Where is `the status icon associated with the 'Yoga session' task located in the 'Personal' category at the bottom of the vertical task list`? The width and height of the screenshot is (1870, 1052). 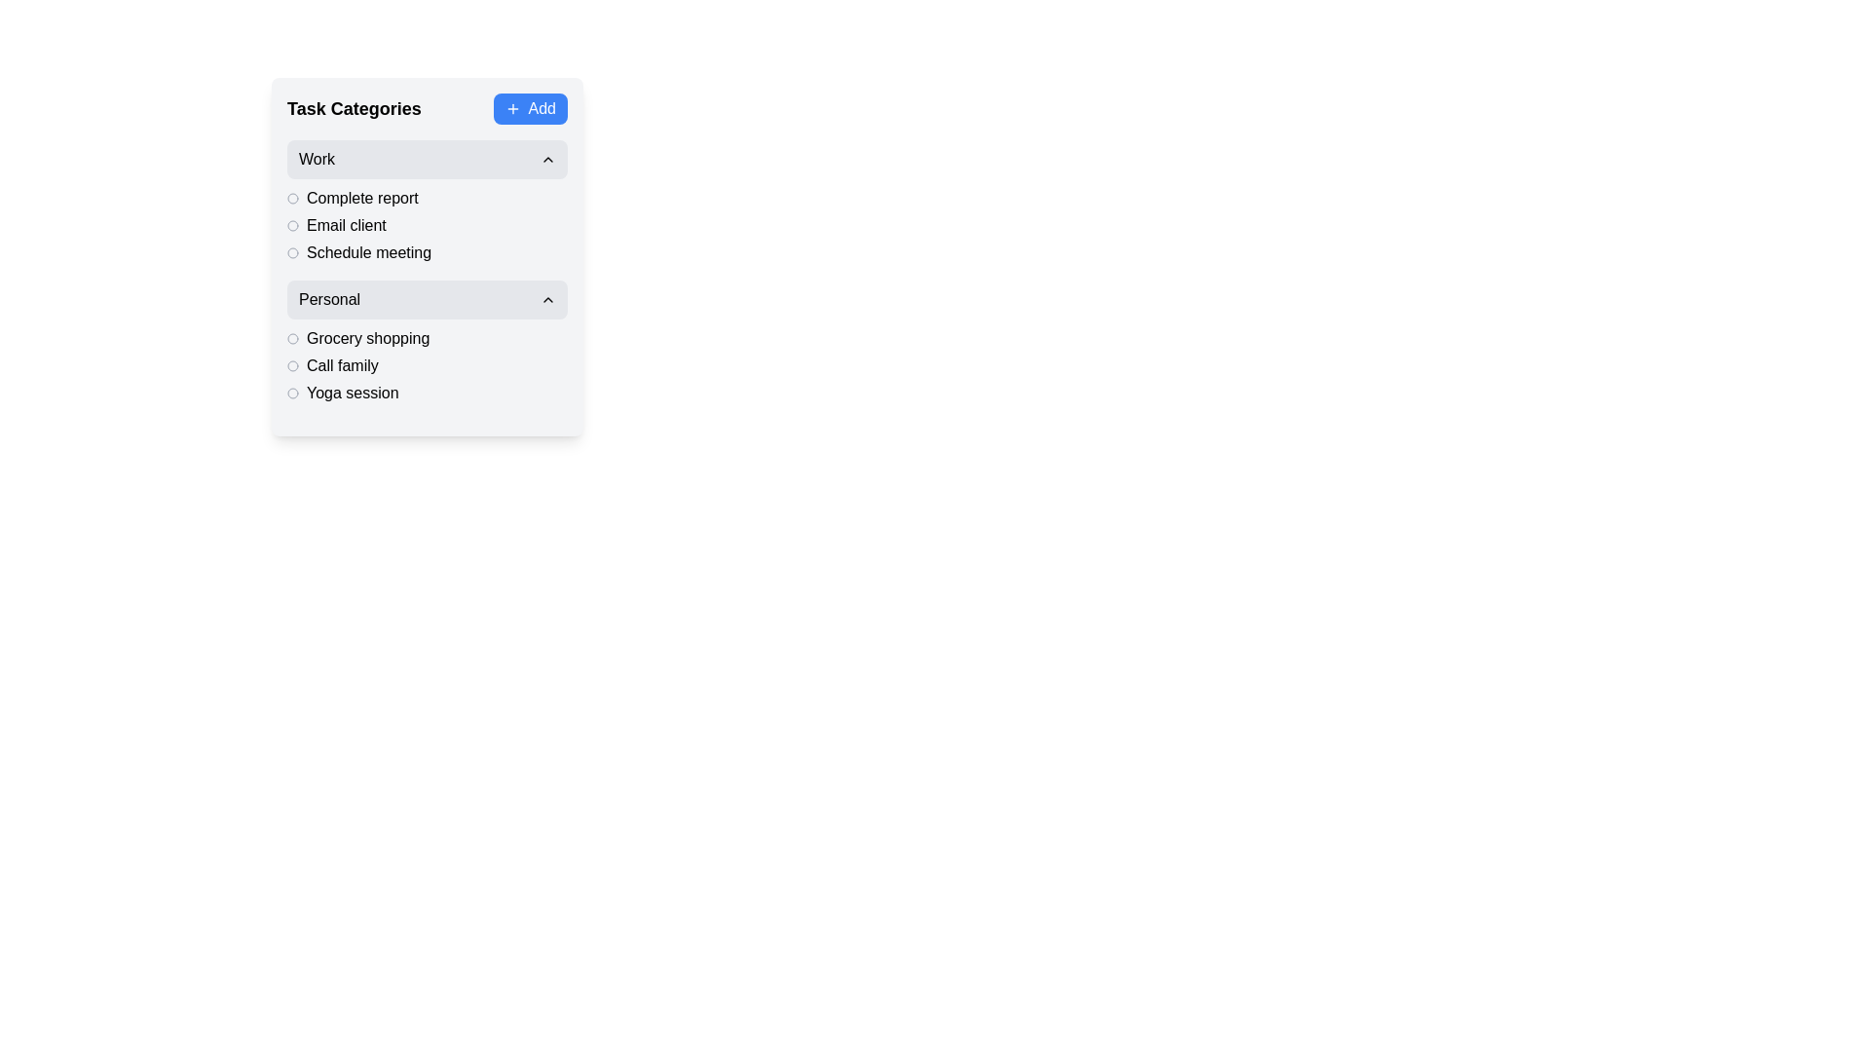
the status icon associated with the 'Yoga session' task located in the 'Personal' category at the bottom of the vertical task list is located at coordinates (292, 394).